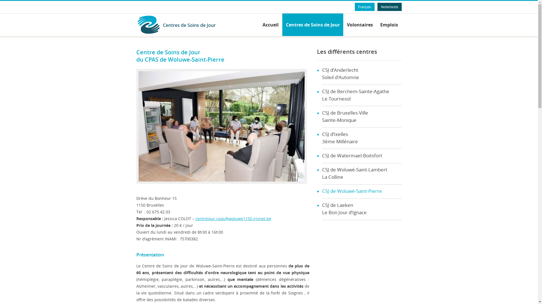 This screenshot has width=542, height=304. What do you see at coordinates (360, 24) in the screenshot?
I see `'Volontaires'` at bounding box center [360, 24].